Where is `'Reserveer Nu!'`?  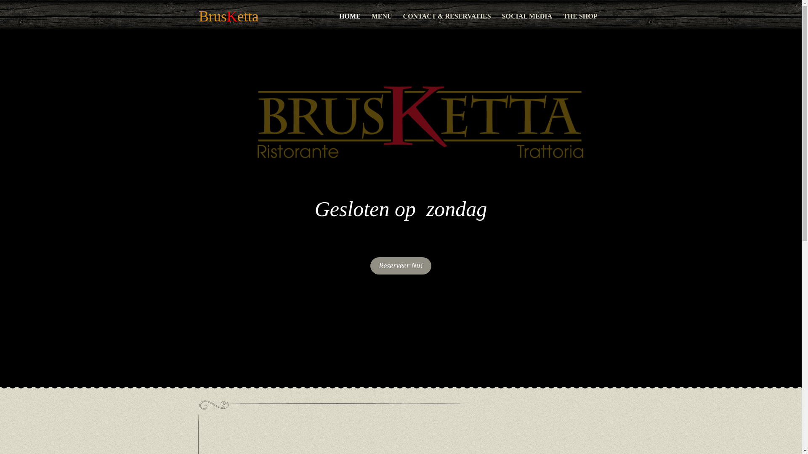 'Reserveer Nu!' is located at coordinates (370, 266).